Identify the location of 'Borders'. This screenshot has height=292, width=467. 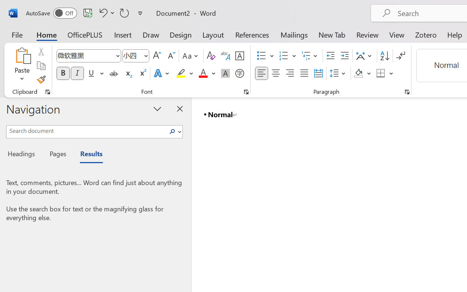
(385, 73).